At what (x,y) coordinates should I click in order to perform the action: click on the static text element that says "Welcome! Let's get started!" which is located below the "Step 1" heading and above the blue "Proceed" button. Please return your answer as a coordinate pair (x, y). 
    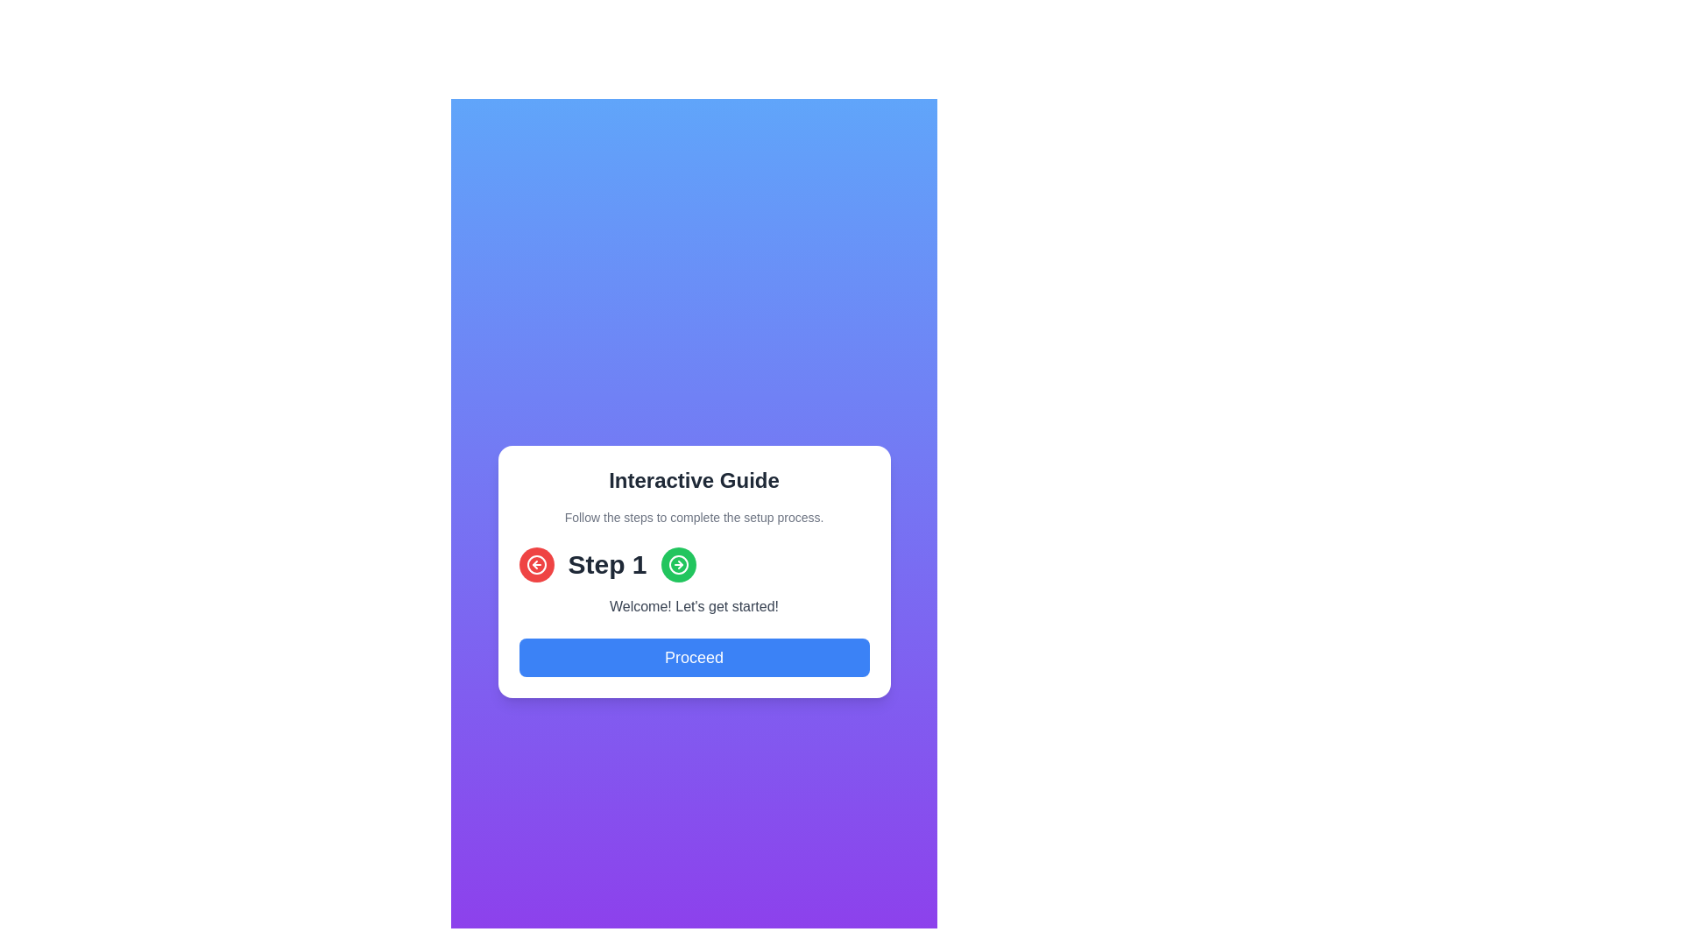
    Looking at the image, I should click on (693, 606).